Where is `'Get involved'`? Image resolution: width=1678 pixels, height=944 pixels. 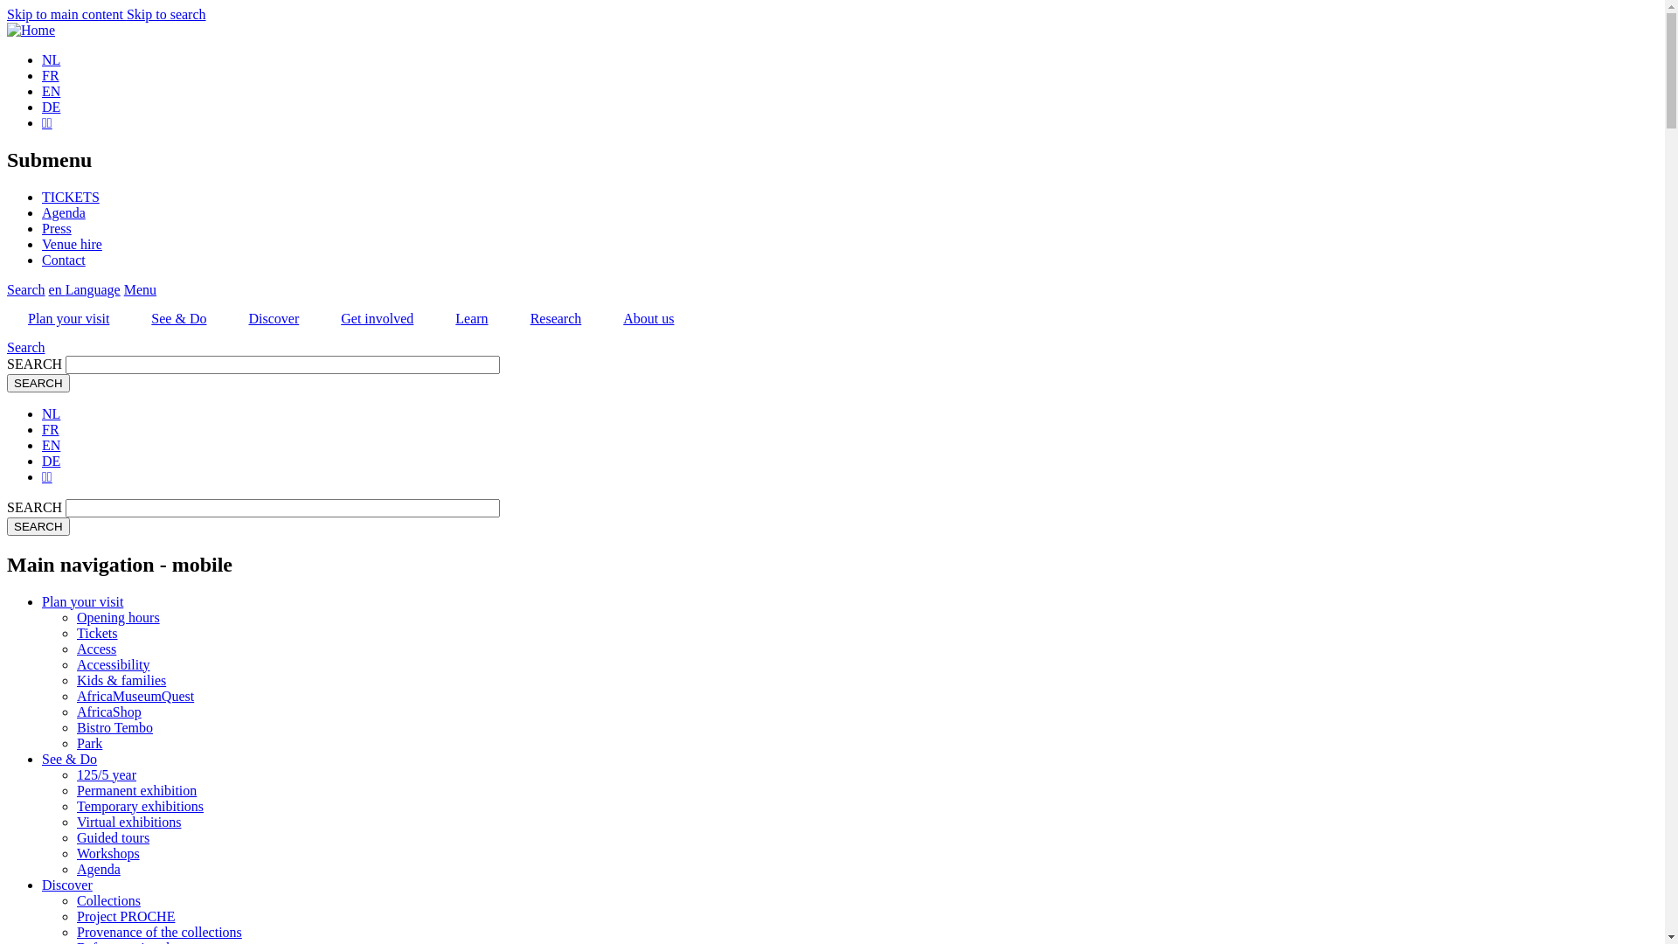 'Get involved' is located at coordinates (376, 319).